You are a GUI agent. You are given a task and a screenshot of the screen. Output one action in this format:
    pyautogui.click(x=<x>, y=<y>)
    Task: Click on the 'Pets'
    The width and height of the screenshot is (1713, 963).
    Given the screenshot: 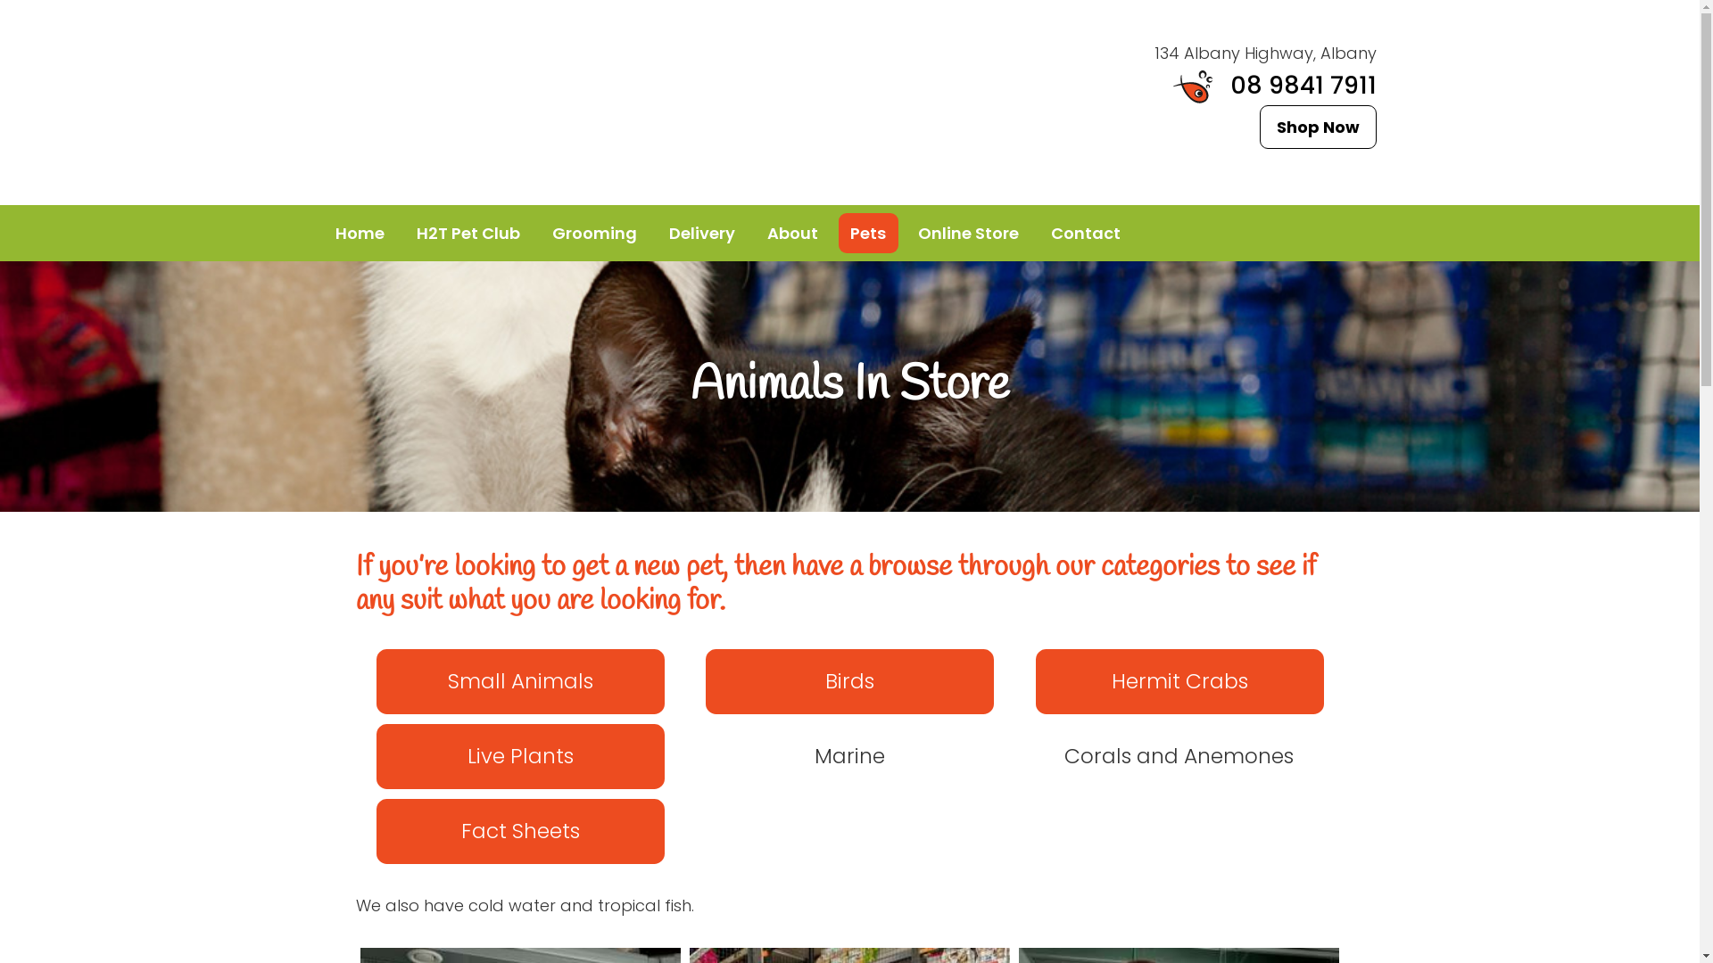 What is the action you would take?
    pyautogui.click(x=838, y=232)
    